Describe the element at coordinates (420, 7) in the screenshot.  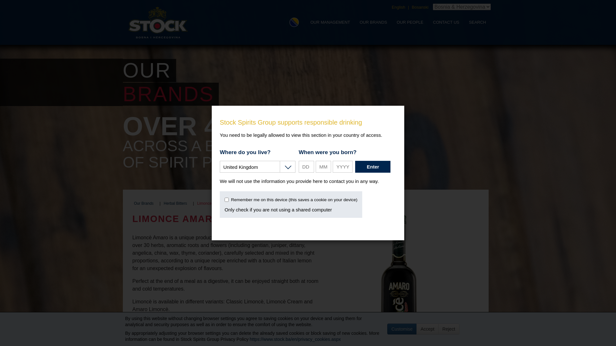
I see `'Bosanski'` at that location.